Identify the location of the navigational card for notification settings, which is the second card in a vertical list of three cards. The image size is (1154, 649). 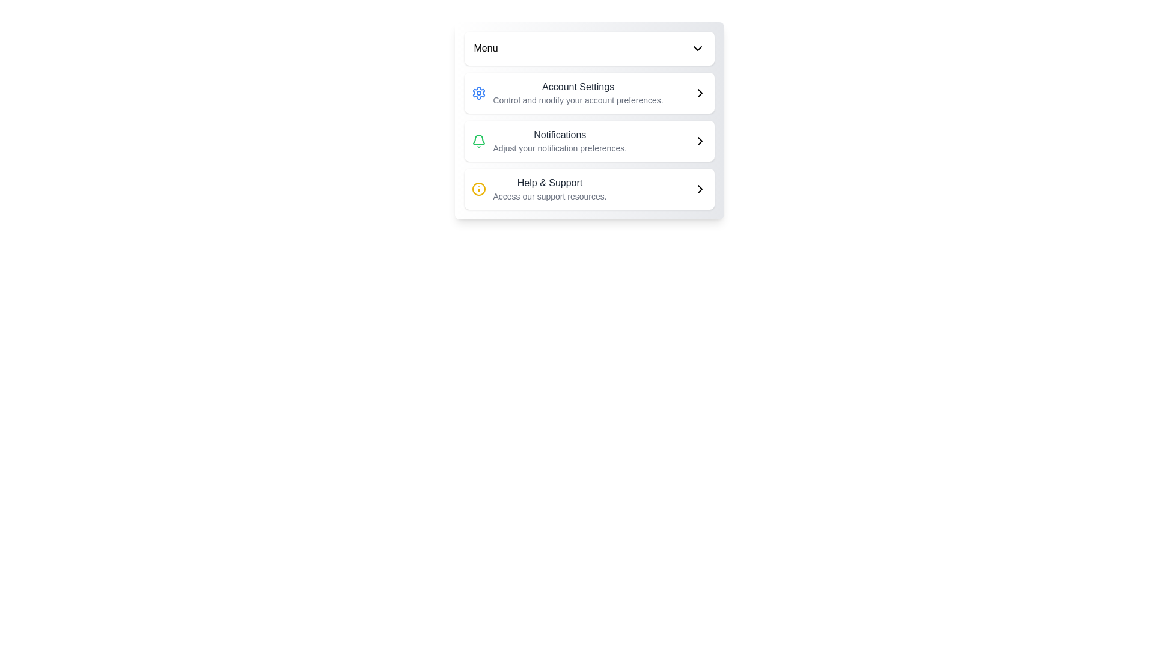
(589, 141).